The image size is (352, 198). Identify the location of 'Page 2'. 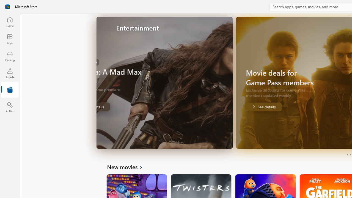
(350, 155).